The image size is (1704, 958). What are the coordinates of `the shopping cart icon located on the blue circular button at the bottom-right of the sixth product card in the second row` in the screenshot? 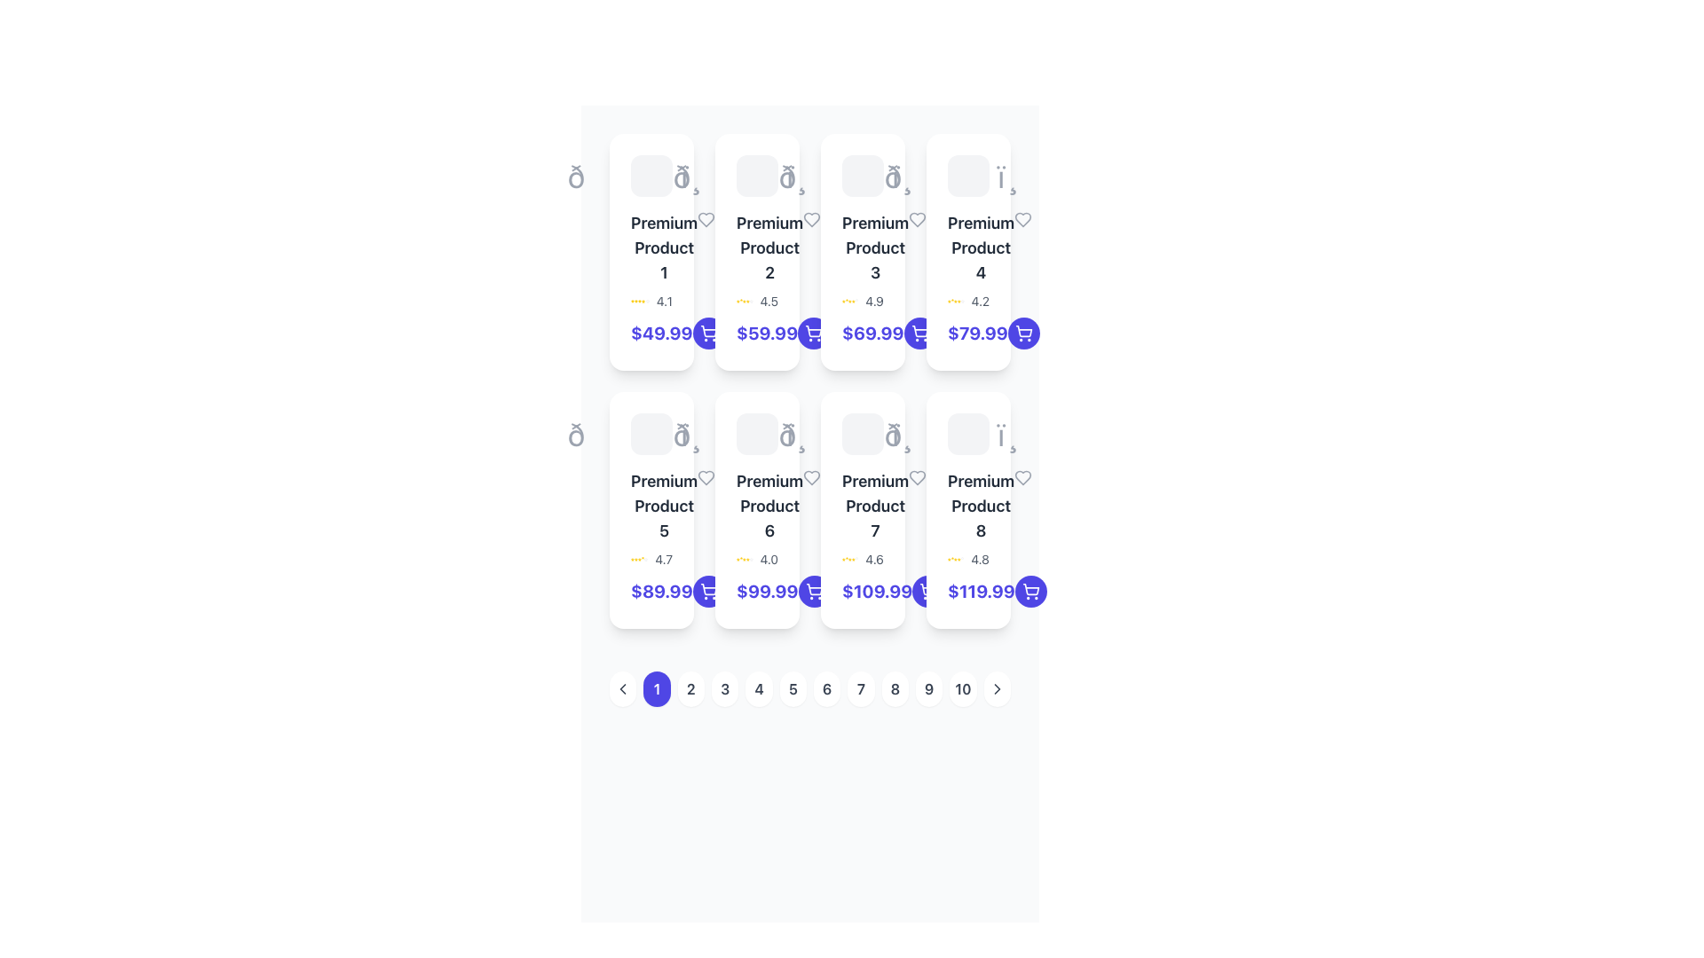 It's located at (813, 592).